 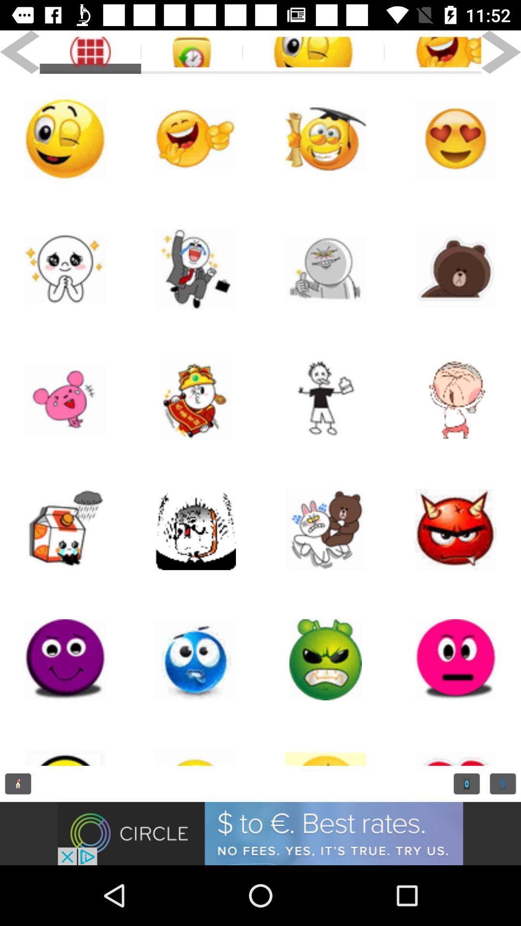 I want to click on emoji 's selection, so click(x=65, y=659).